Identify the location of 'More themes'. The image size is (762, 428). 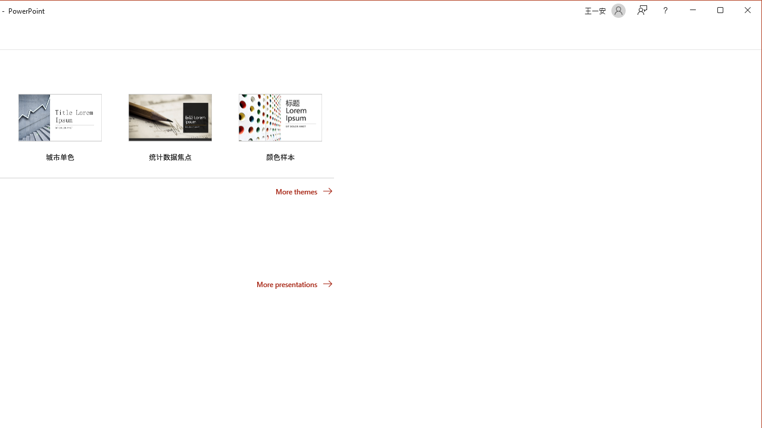
(304, 190).